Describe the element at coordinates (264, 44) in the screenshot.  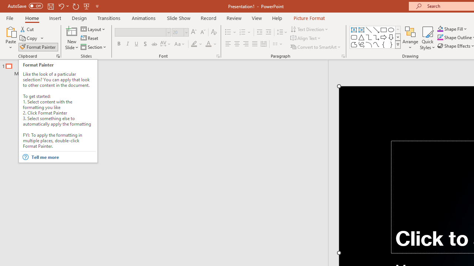
I see `'Distributed'` at that location.